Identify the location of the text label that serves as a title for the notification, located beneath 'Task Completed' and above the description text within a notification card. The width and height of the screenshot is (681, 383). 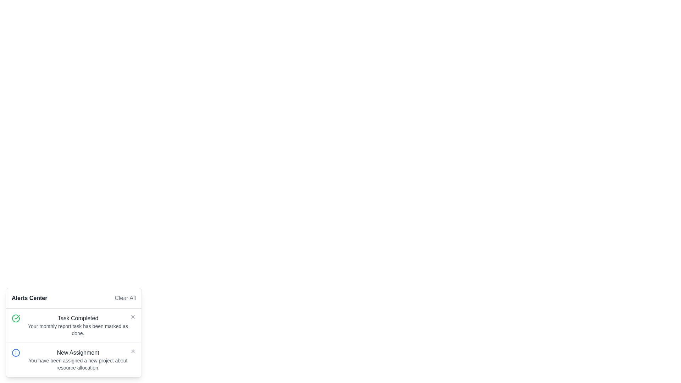
(78, 353).